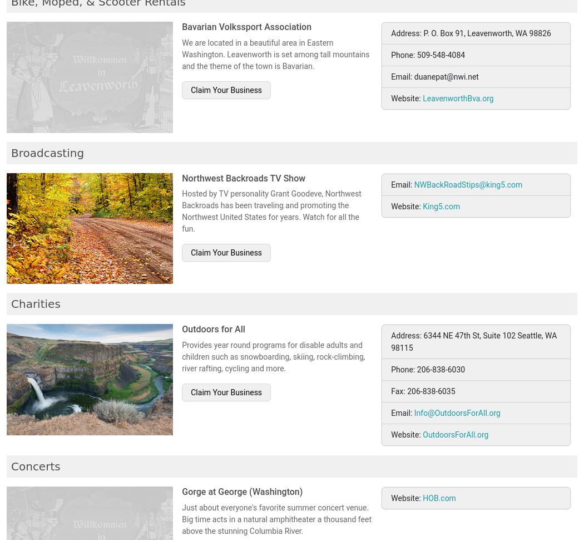 This screenshot has height=540, width=584. I want to click on '-', so click(333, 164).